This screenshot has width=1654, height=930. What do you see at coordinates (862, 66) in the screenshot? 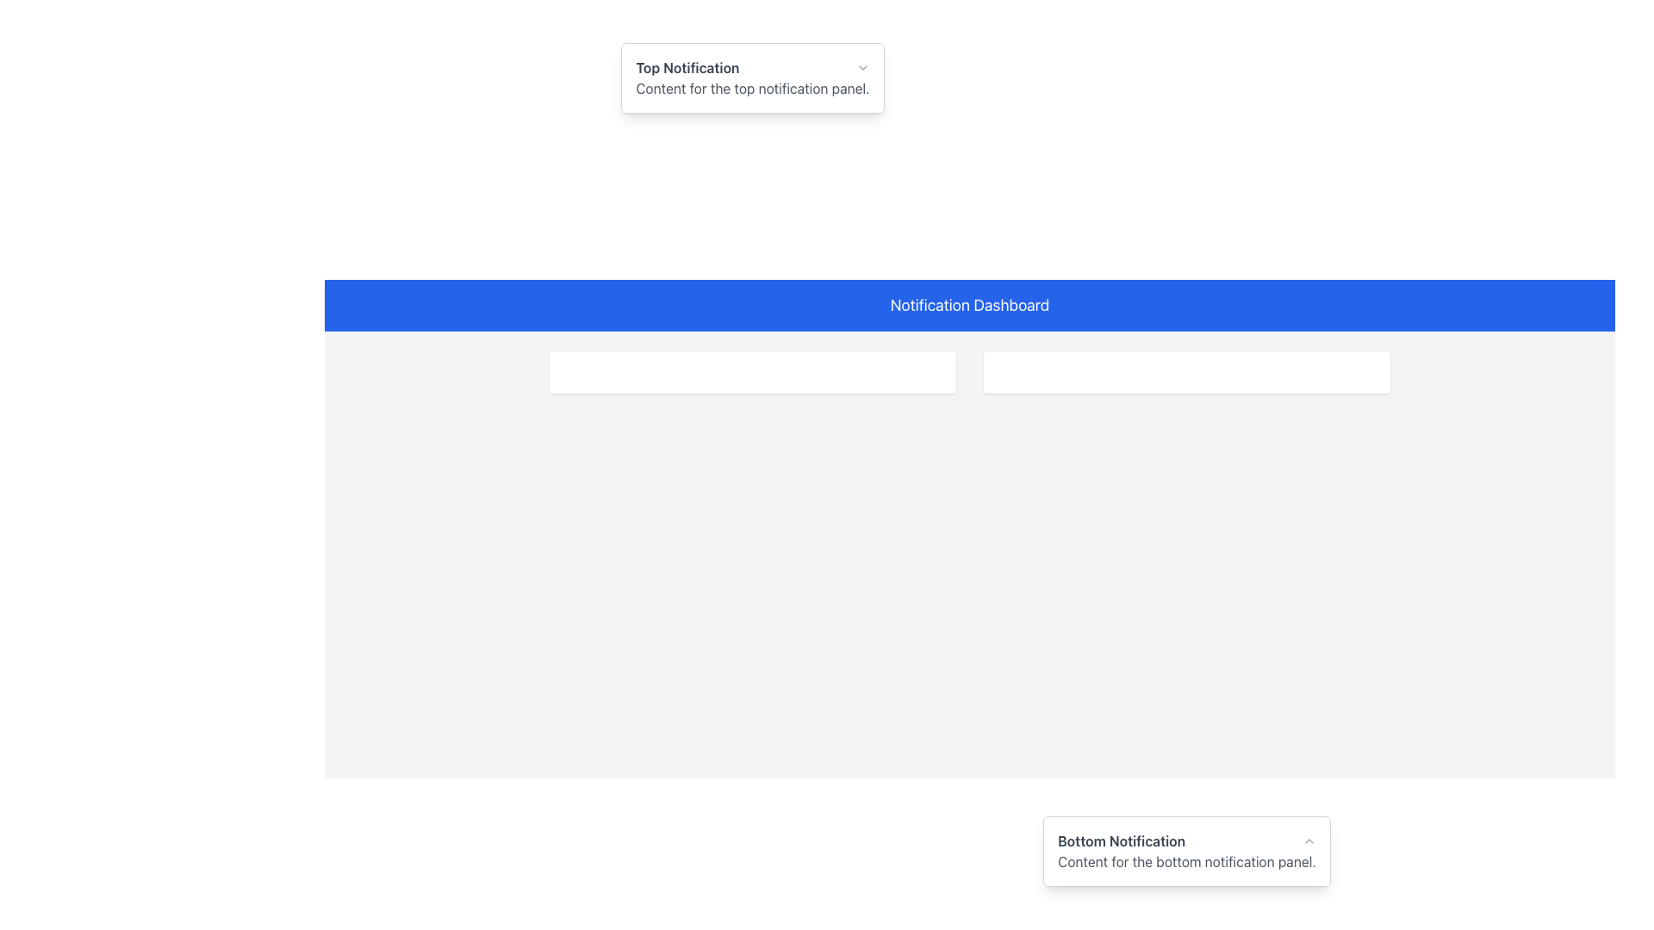
I see `the Dropdown Control, which features a small downward-pointing chevron icon that changes color to red on hover, located in the Top Notification section near the upper-right corner` at bounding box center [862, 66].